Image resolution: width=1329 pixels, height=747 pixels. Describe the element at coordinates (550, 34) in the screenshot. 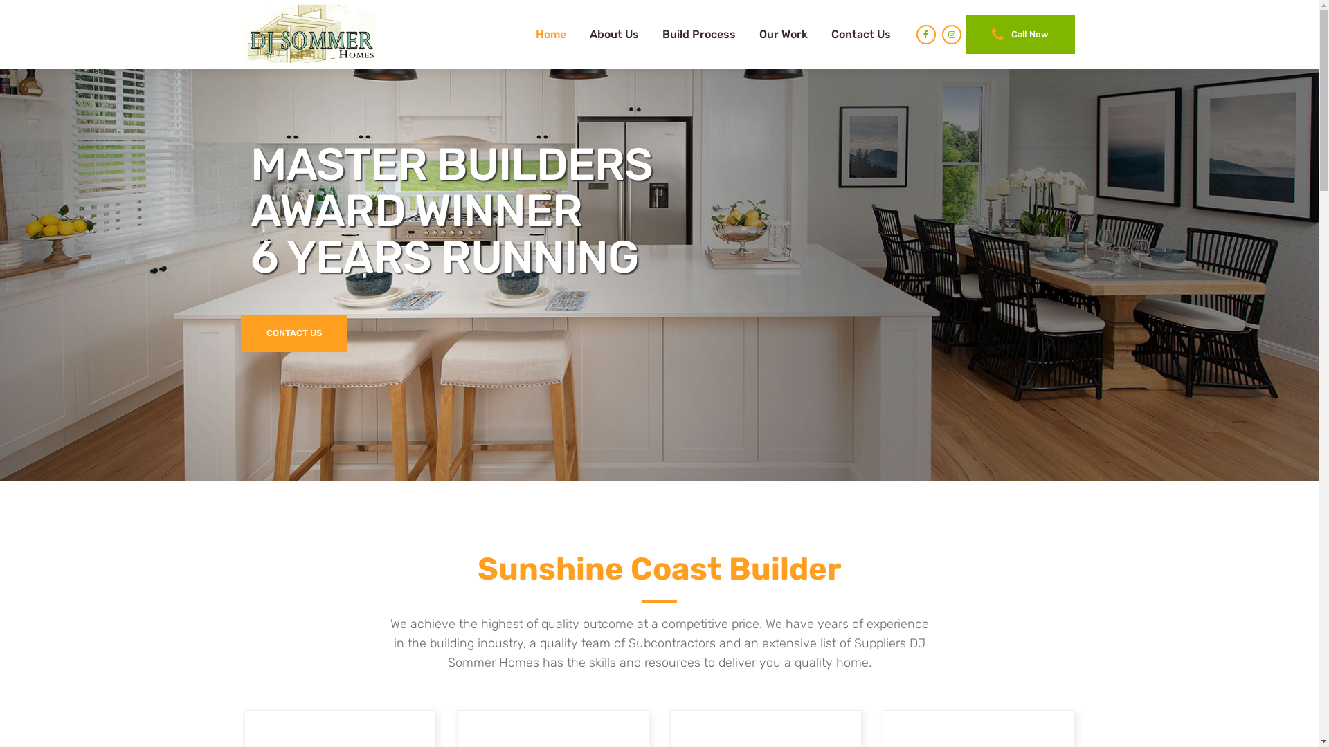

I see `'Home'` at that location.